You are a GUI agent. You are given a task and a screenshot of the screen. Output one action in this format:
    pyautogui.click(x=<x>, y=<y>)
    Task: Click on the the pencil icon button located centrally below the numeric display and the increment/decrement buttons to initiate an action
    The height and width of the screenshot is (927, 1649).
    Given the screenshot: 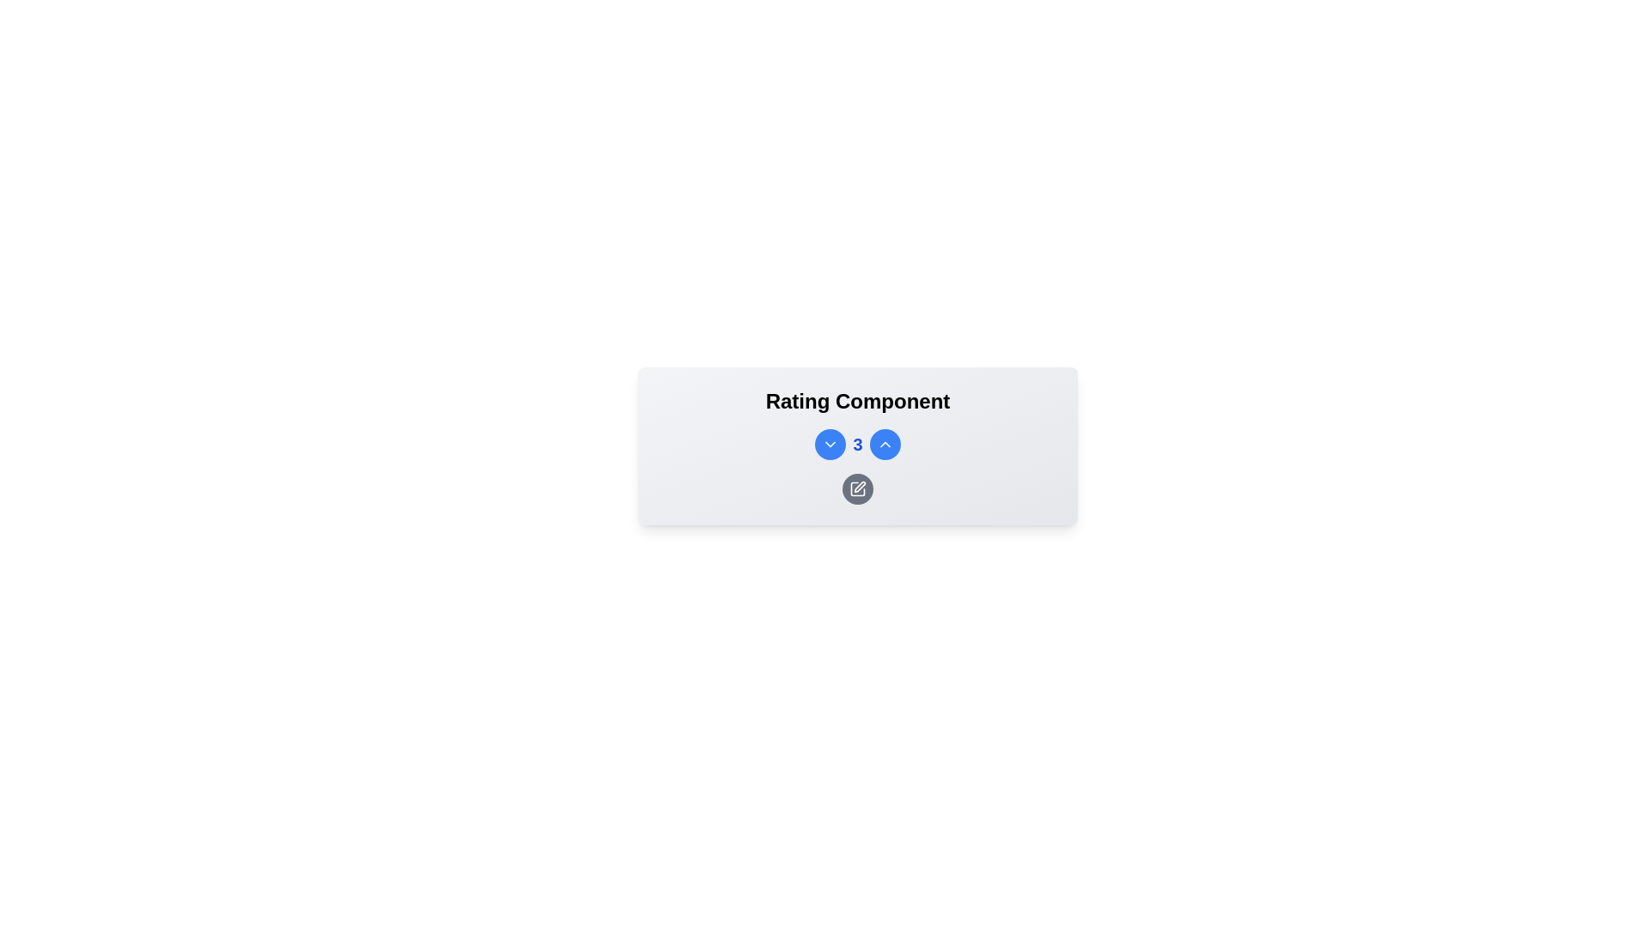 What is the action you would take?
    pyautogui.click(x=857, y=466)
    